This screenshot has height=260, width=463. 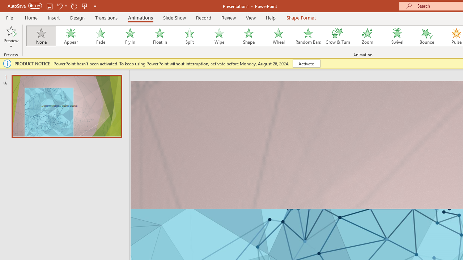 I want to click on 'Appear', so click(x=71, y=36).